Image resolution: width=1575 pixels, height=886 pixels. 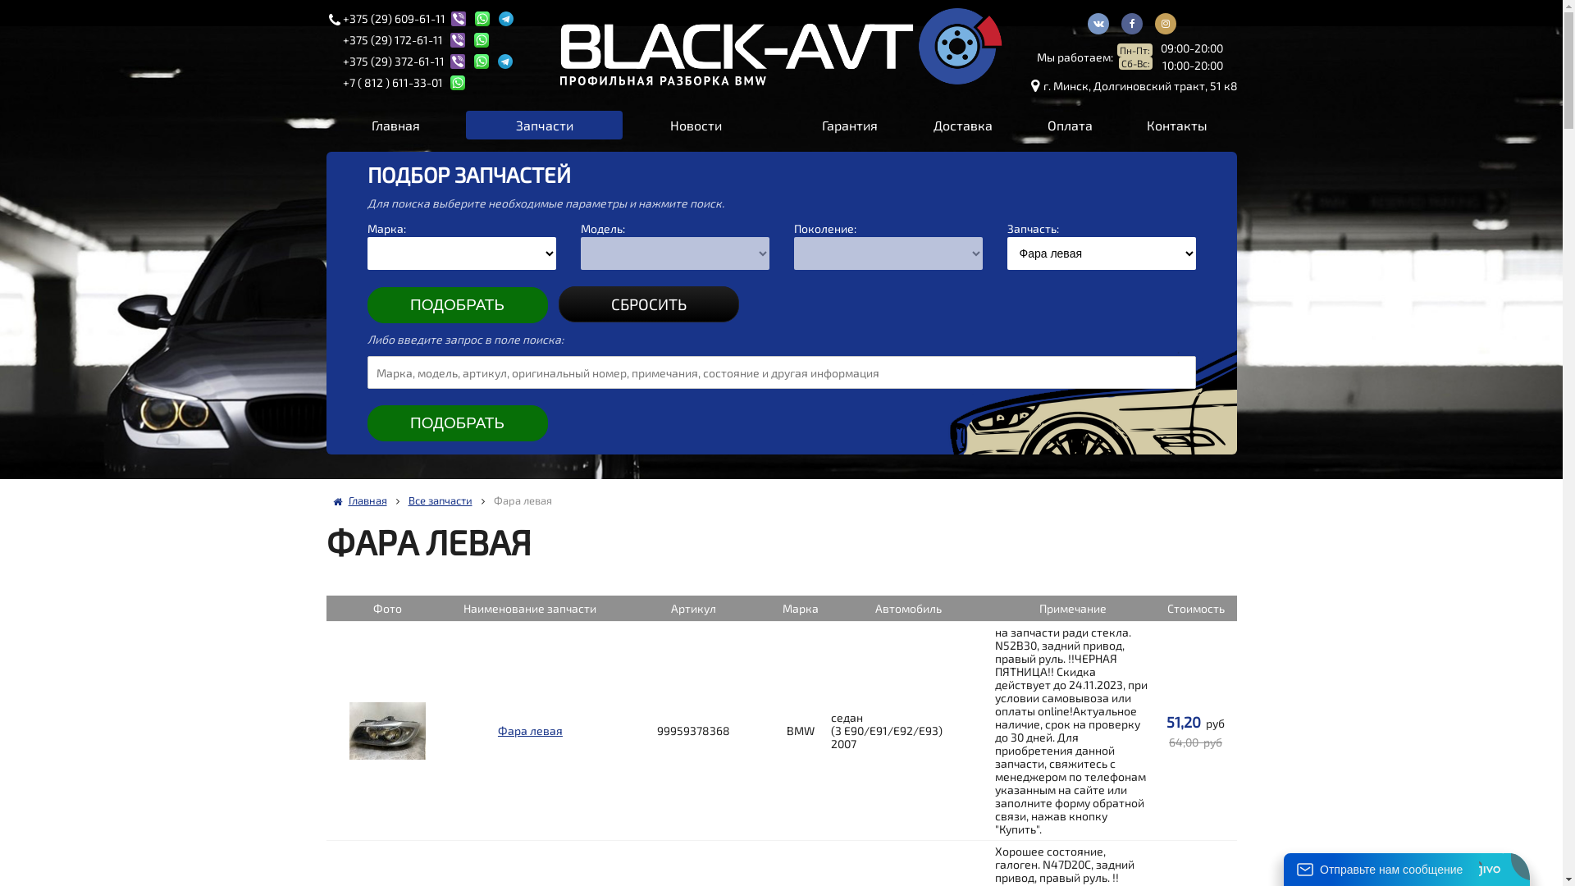 I want to click on '+7 ( 812 ) 611-33-01', so click(x=394, y=82).